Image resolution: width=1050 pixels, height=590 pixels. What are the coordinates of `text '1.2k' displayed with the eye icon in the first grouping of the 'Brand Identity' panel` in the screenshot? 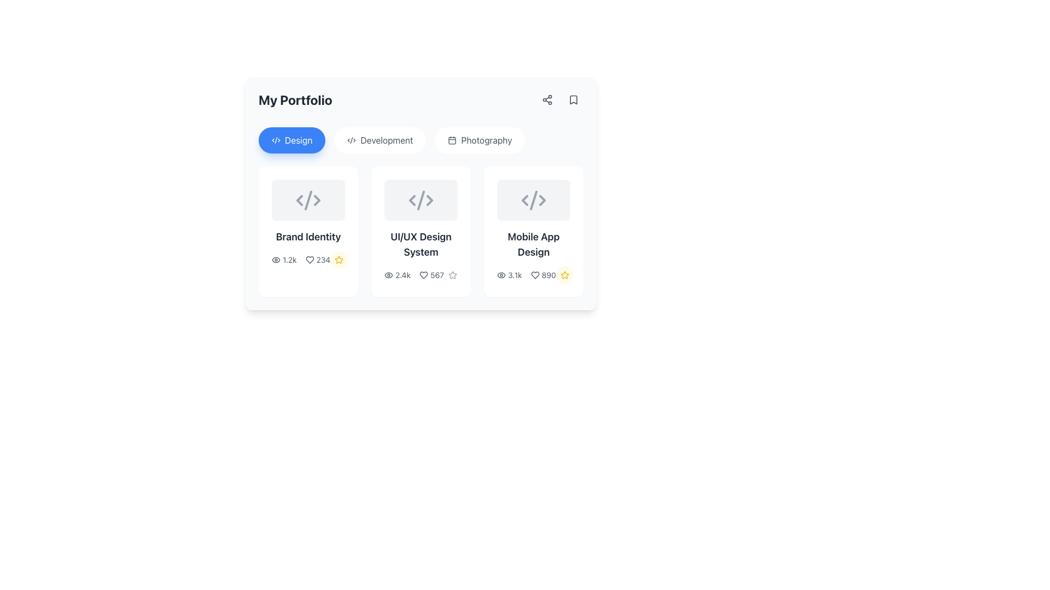 It's located at (284, 260).